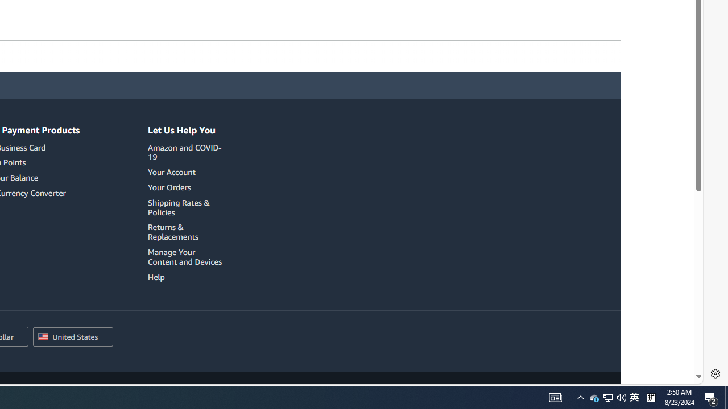 The width and height of the screenshot is (728, 409). Describe the element at coordinates (187, 172) in the screenshot. I see `'Your Account'` at that location.